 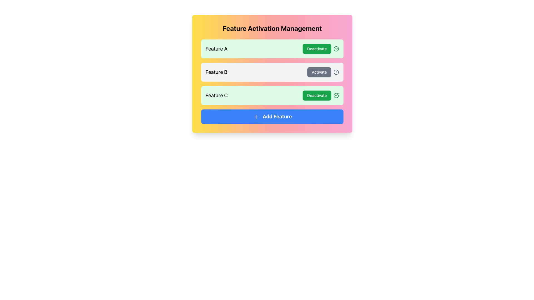 I want to click on the SVG graphical component (circle element) that serves as a visual marker in the 'Feature Activation Management' UI, located to the right of the 'Activate' button in the 'Feature B' row, so click(x=336, y=72).